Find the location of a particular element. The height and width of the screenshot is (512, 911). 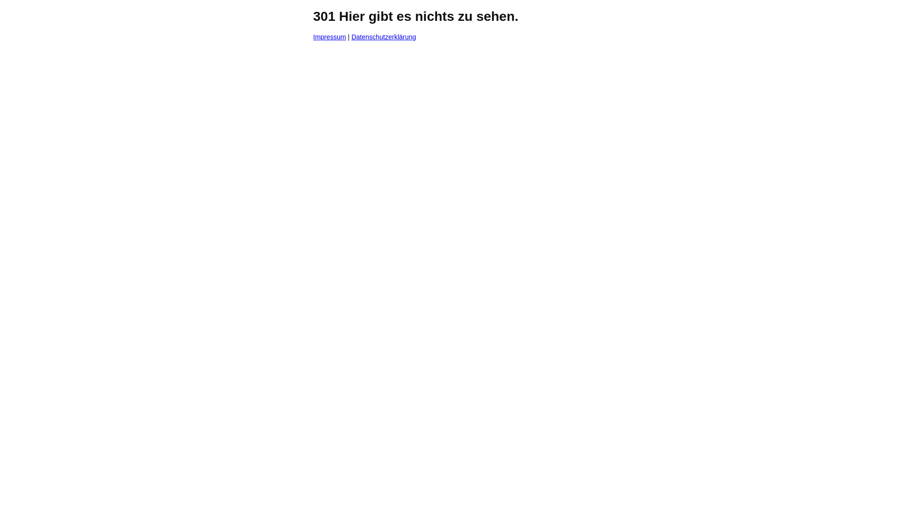

'Impressum' is located at coordinates (329, 36).